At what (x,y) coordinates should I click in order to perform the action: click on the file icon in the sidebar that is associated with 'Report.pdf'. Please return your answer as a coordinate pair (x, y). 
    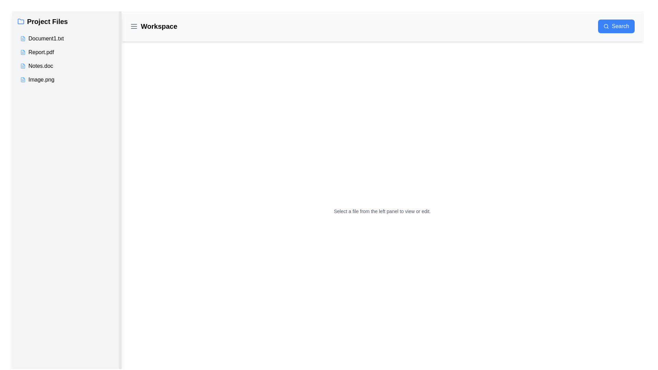
    Looking at the image, I should click on (23, 52).